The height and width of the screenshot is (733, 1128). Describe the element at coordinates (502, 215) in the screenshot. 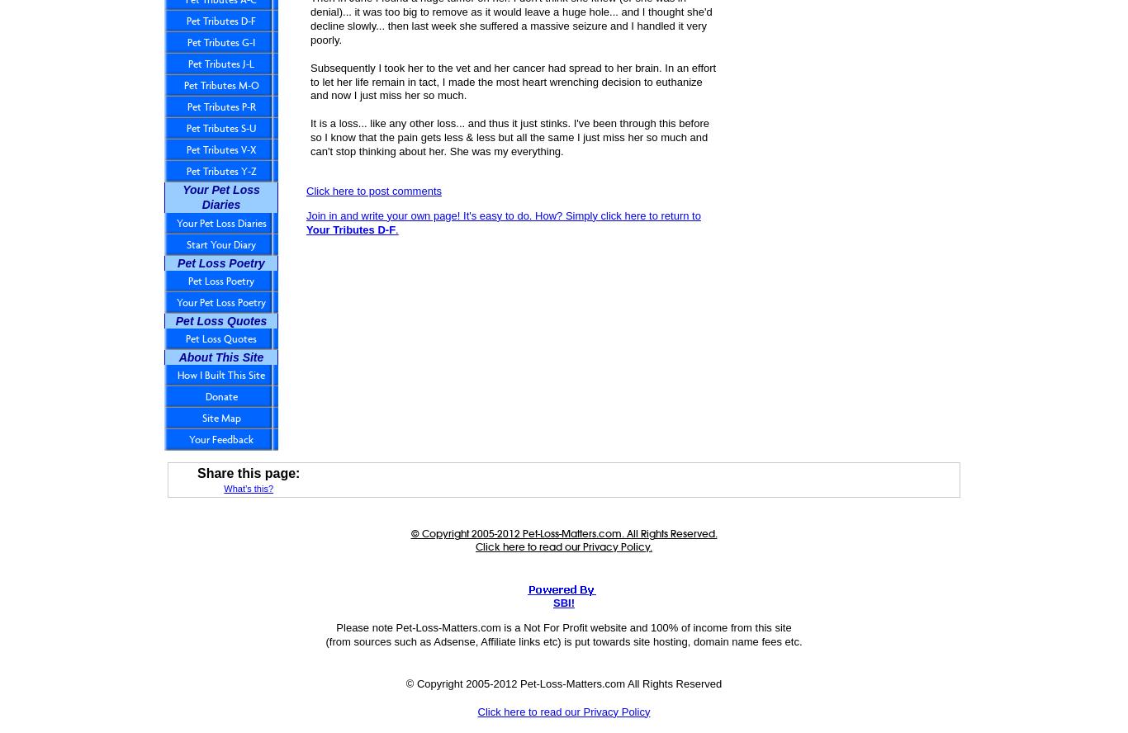

I see `'Join in and write your own page! It's easy to do. How? Simply click here to return to'` at that location.